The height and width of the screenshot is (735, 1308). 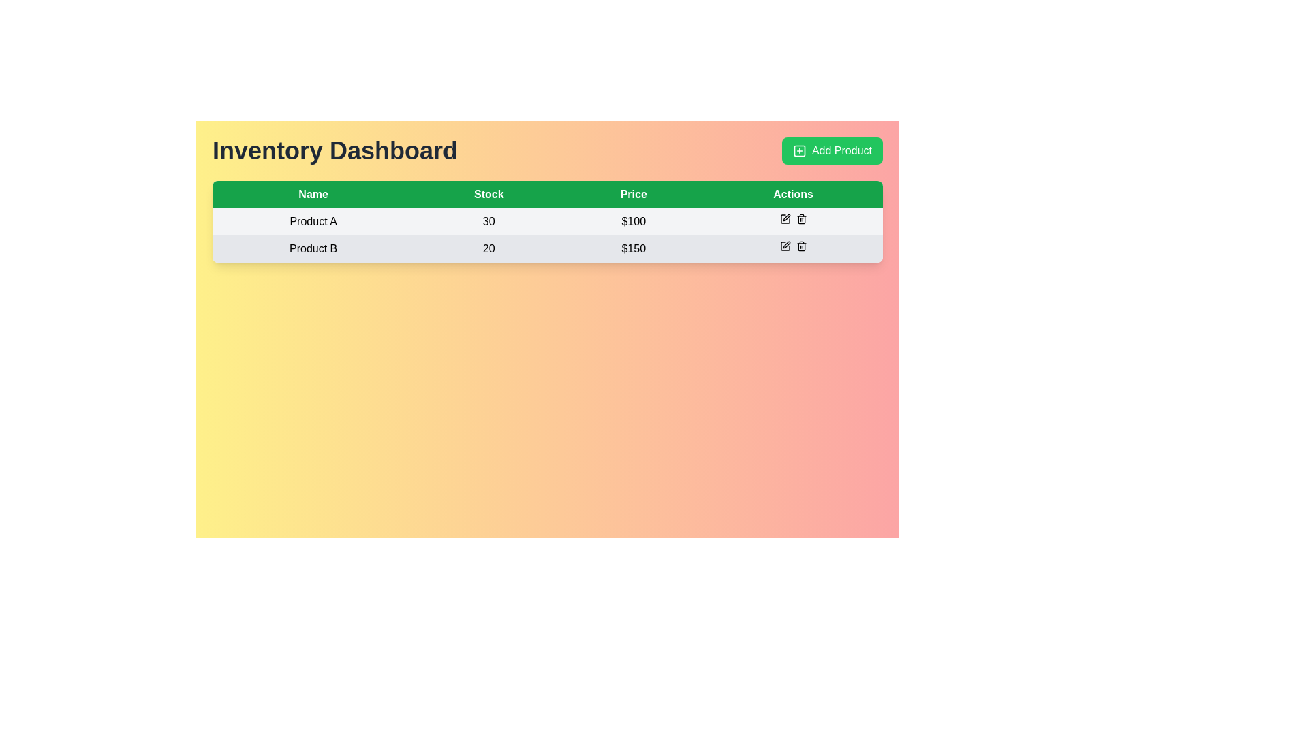 What do you see at coordinates (785, 218) in the screenshot?
I see `the 'Edit' button icon, which resembles a pen and is located in the 'Actions' column of the first row in the table under the 'Inventory Dashboard' to visualize a hover effect` at bounding box center [785, 218].